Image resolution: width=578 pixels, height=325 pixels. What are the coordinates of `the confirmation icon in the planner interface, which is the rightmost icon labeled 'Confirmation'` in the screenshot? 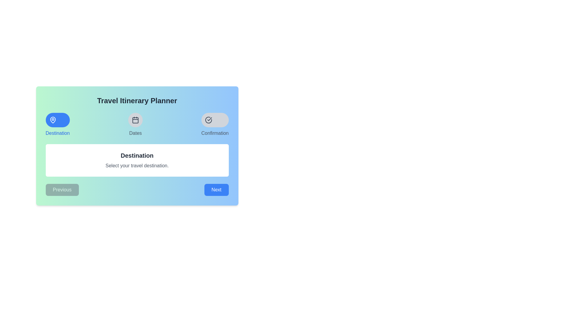 It's located at (208, 120).